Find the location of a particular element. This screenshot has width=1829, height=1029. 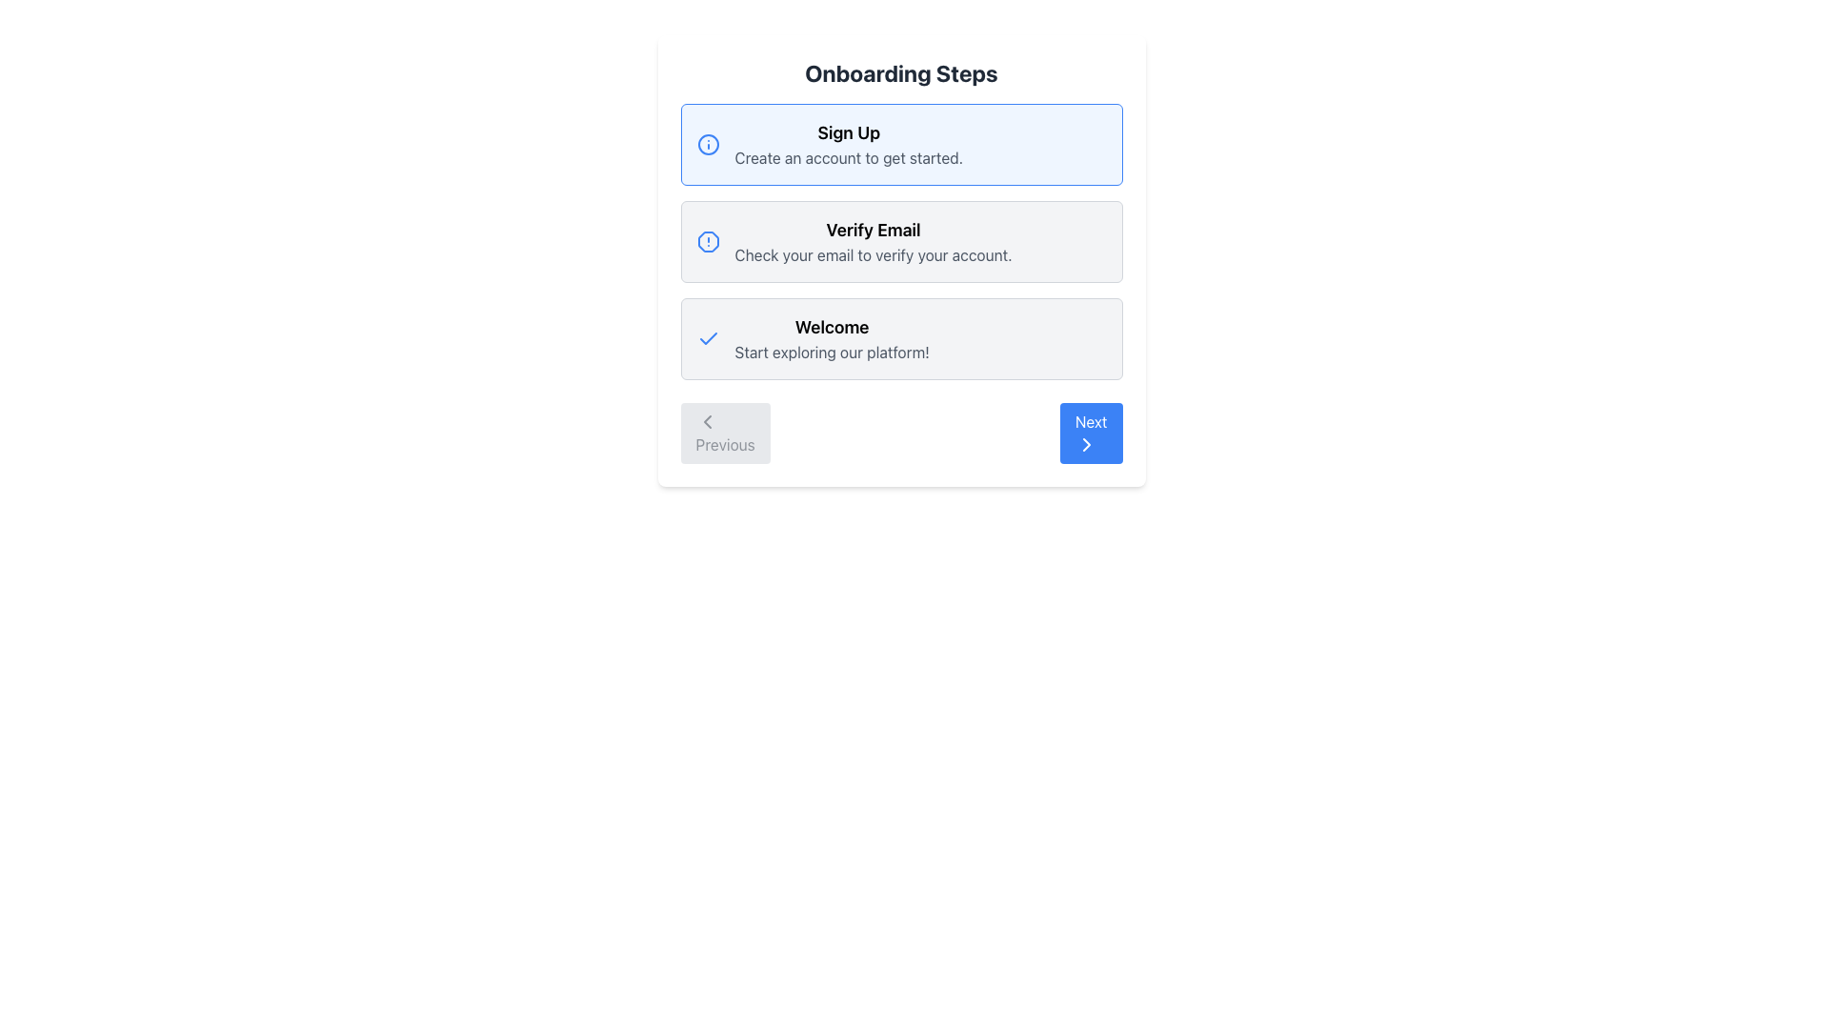

the icon that indicates the completion of the 'Welcome' step in the onboarding process, located to the left of the text content is located at coordinates (707, 337).